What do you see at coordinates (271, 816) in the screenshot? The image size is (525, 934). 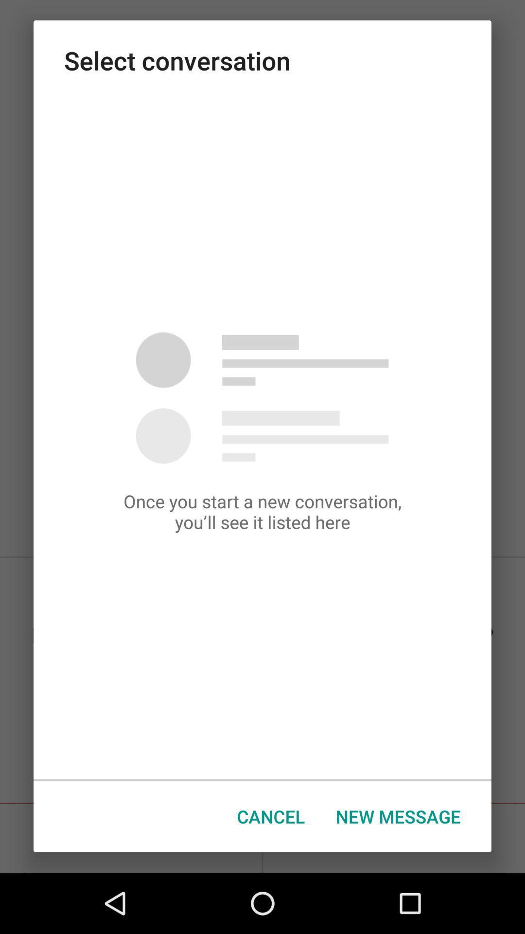 I see `cancel icon` at bounding box center [271, 816].